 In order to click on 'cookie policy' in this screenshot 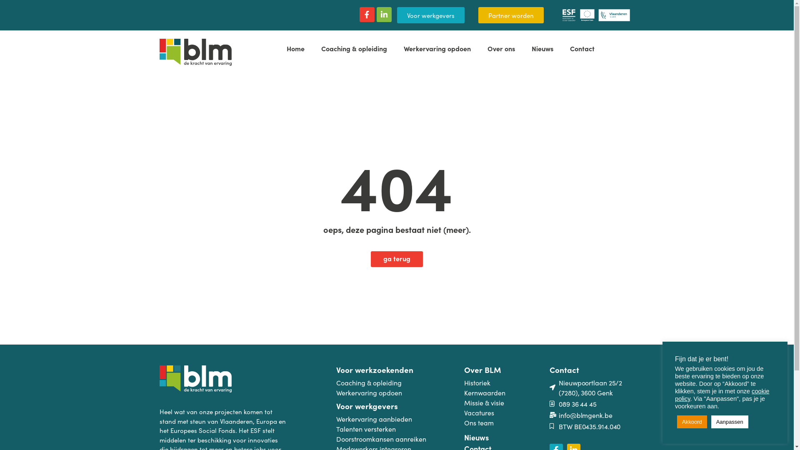, I will do `click(675, 395)`.